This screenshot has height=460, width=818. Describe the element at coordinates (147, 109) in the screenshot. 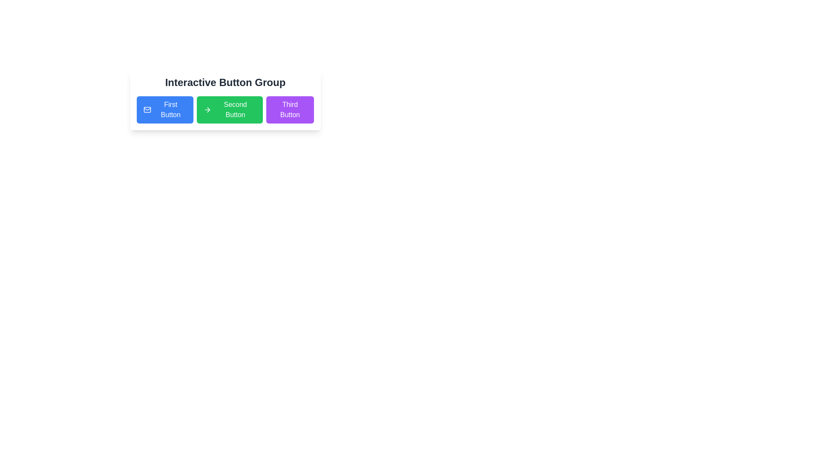

I see `the 'First Button' which contains a small outlined mail icon, located in the leftmost position of a horizontal button group` at that location.